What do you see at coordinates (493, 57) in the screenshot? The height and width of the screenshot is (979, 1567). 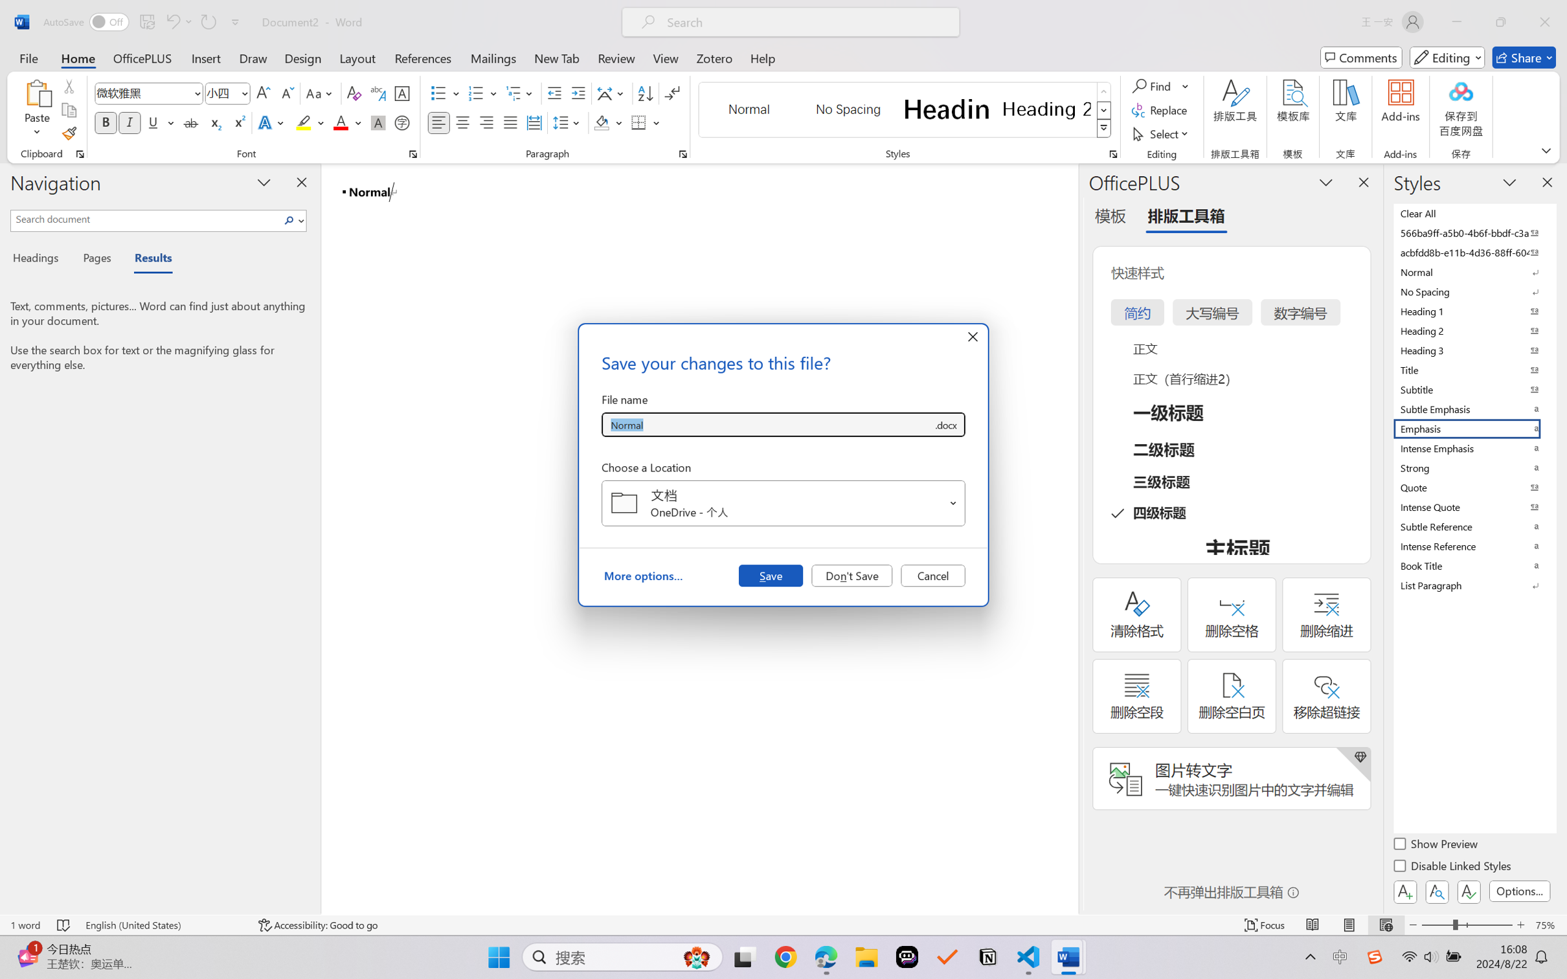 I see `'Mailings'` at bounding box center [493, 57].